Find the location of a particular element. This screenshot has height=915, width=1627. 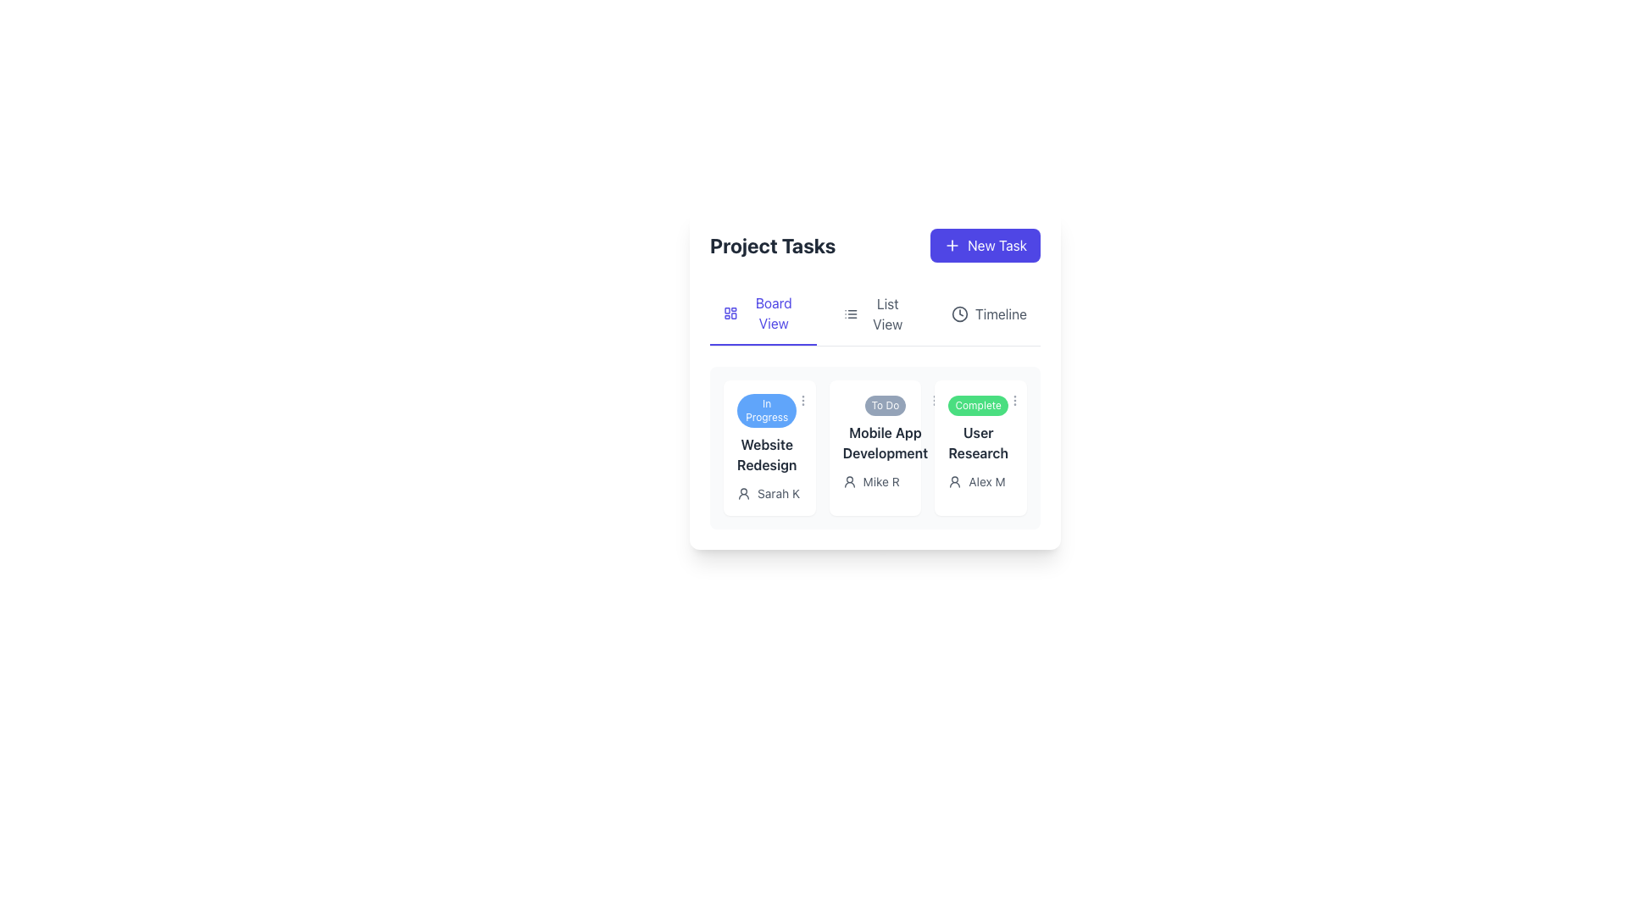

the 'User Research' text label, which is styled in bold font and dark gray color, located within its card interface below the 'Complete' badge is located at coordinates (978, 442).